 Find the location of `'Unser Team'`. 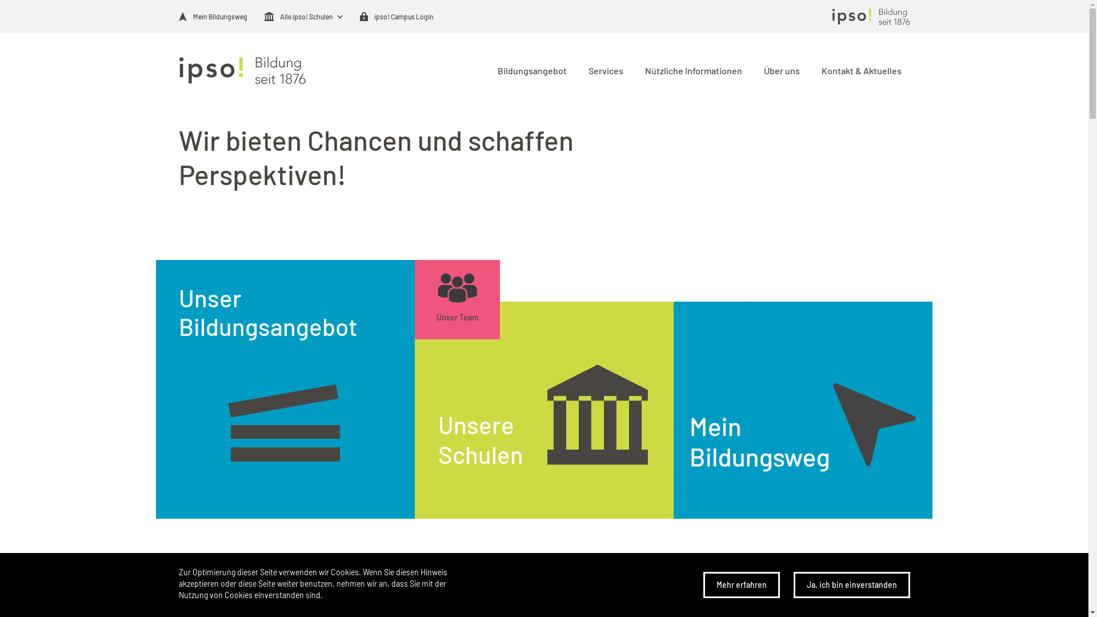

'Unser Team' is located at coordinates (458, 299).